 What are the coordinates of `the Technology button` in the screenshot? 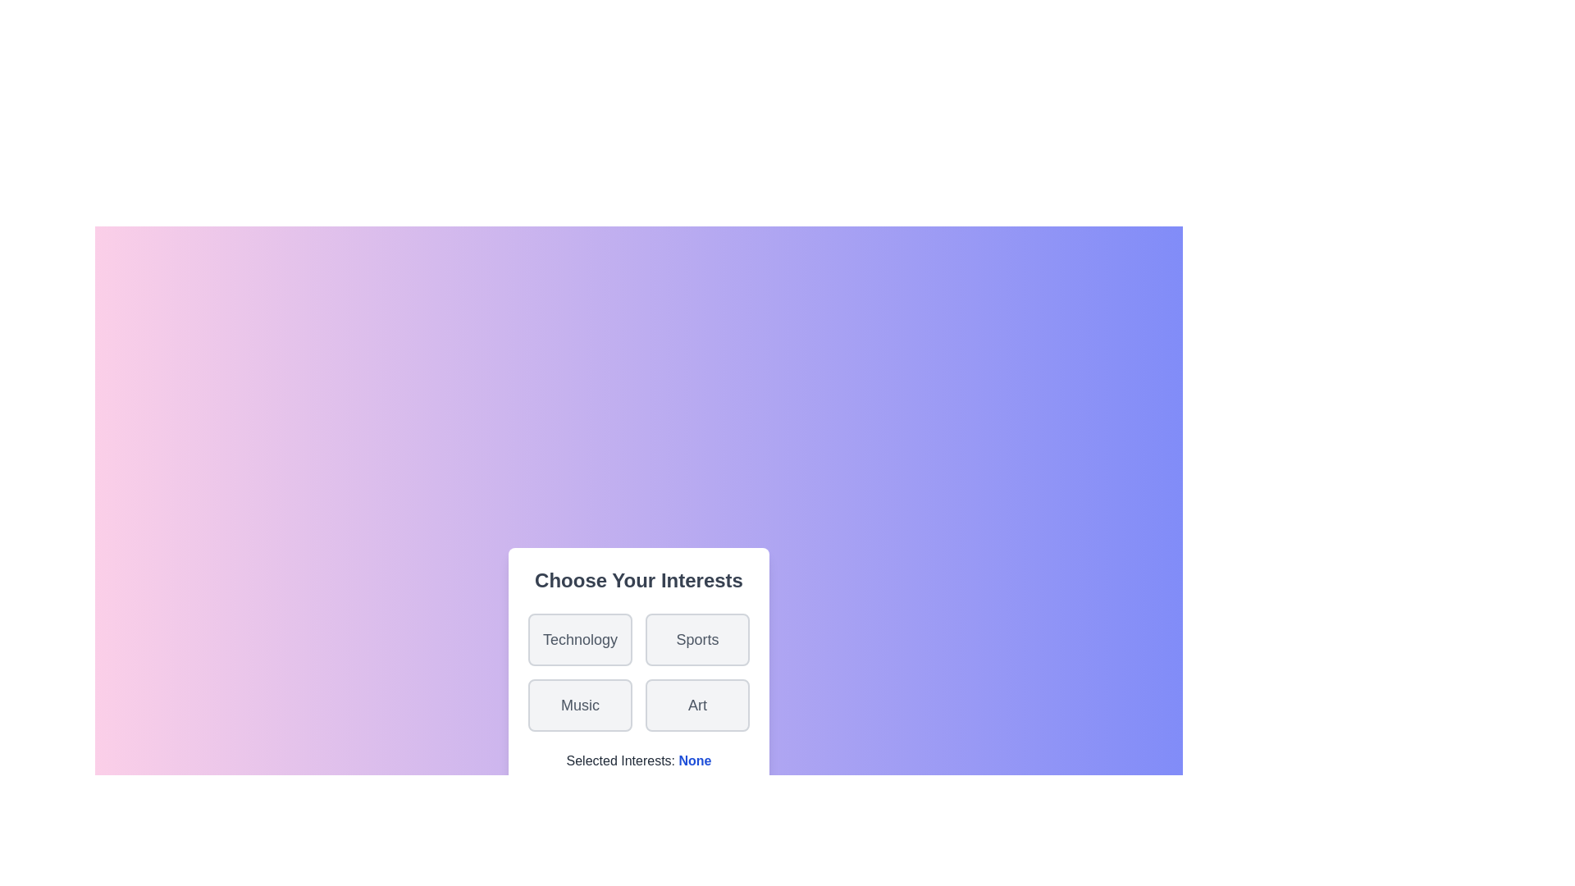 It's located at (579, 638).